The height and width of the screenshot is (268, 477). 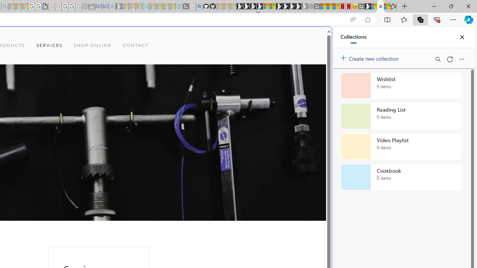 I want to click on 'Cheap Car Rentals - Save70.com - Sleeping', so click(x=105, y=6).